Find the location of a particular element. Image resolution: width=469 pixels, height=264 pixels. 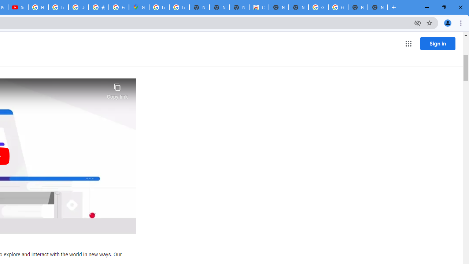

'Bookmark this tab' is located at coordinates (429, 22).